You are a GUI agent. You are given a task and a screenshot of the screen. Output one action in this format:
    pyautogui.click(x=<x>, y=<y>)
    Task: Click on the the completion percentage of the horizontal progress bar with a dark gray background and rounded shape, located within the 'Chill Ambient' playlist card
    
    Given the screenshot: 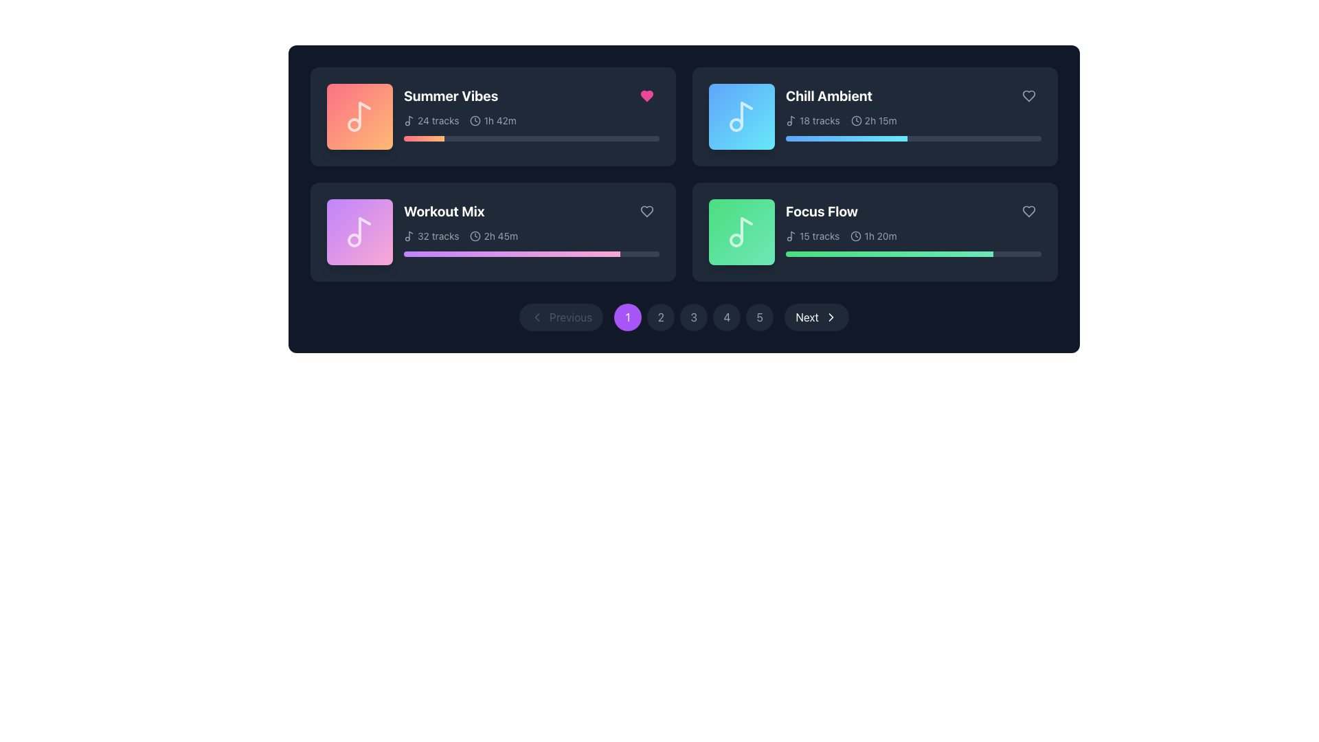 What is the action you would take?
    pyautogui.click(x=913, y=138)
    